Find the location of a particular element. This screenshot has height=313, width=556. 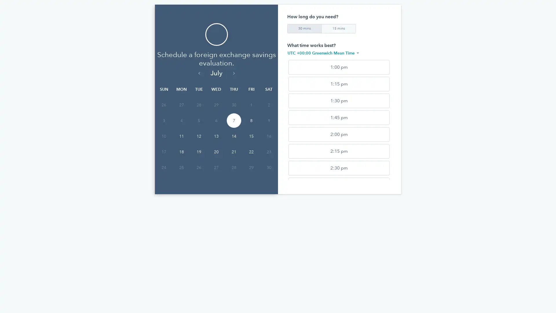

July 8th is located at coordinates (251, 120).